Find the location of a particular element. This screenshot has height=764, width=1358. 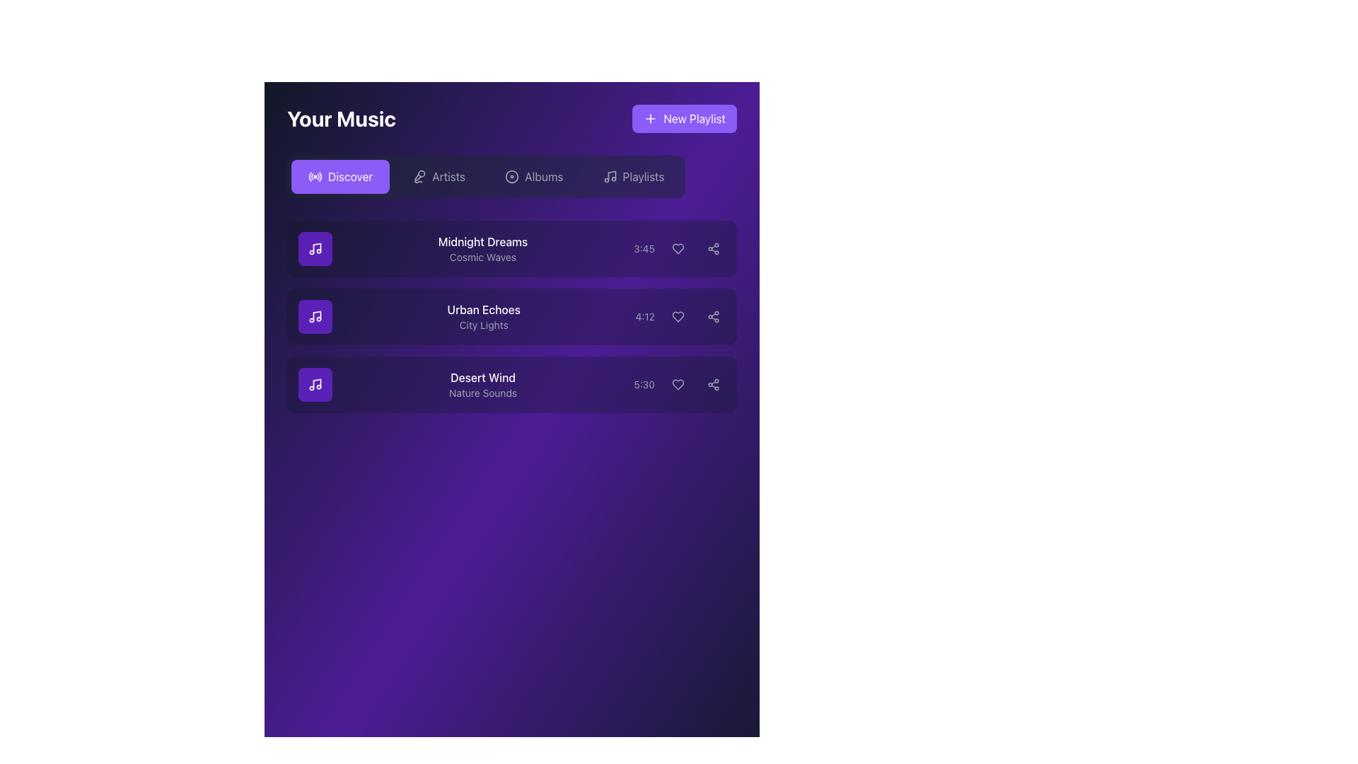

the heart-shaped icon within the interactive button located in the second music list row next to 'Urban Echoes' is located at coordinates (678, 316).